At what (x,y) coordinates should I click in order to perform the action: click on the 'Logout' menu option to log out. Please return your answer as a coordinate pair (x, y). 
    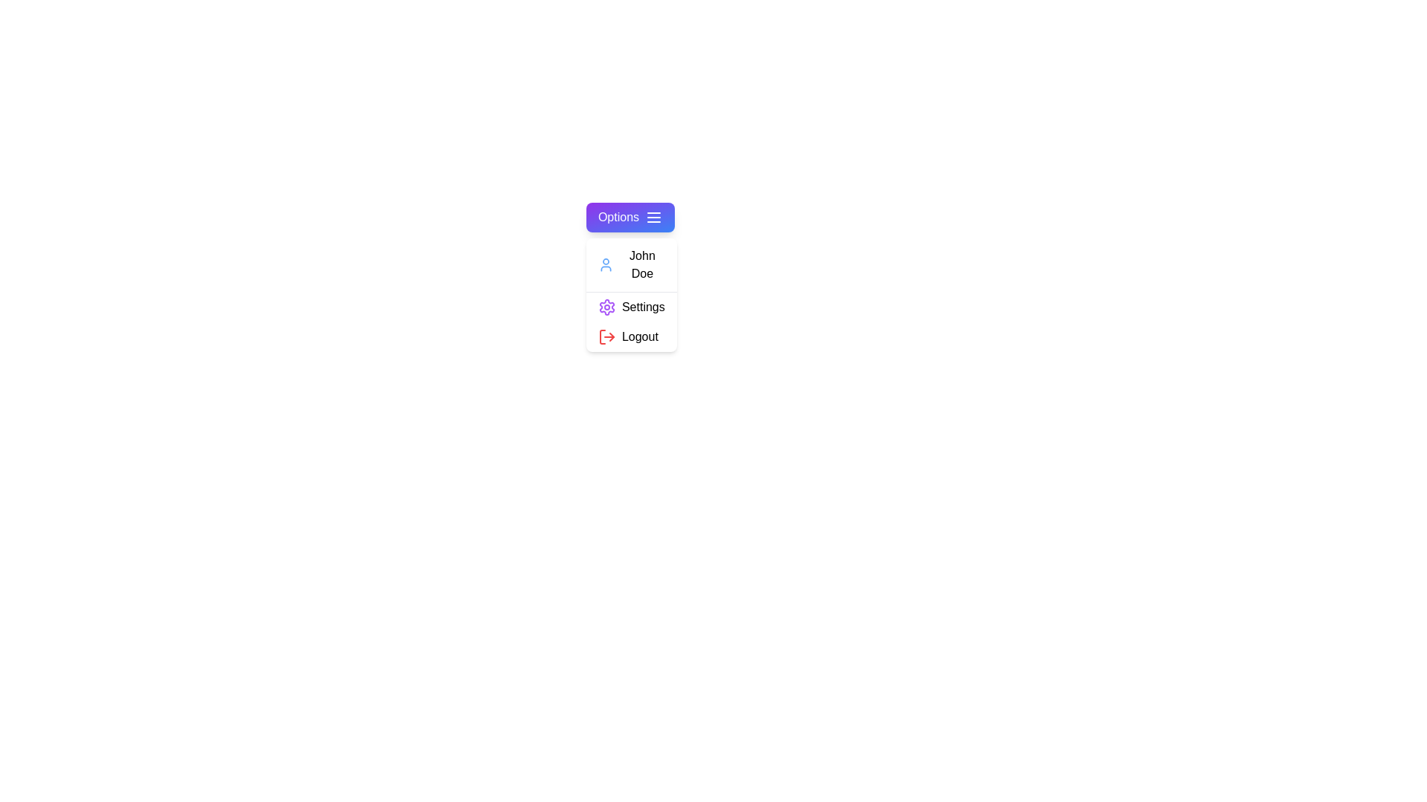
    Looking at the image, I should click on (631, 337).